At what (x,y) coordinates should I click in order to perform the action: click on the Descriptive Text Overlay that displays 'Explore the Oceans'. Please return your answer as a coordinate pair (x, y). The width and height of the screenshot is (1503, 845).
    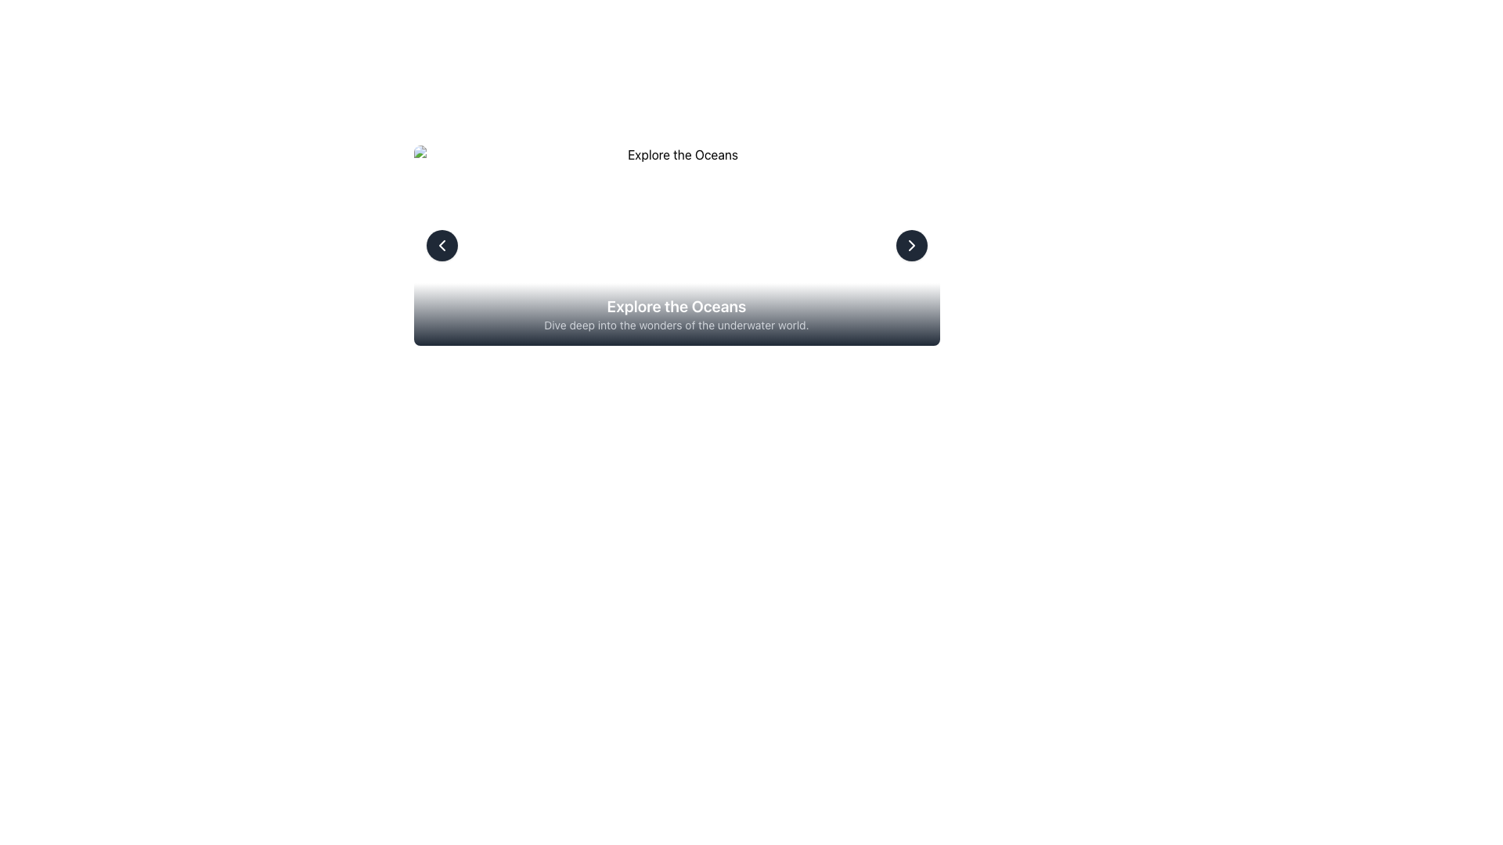
    Looking at the image, I should click on (676, 314).